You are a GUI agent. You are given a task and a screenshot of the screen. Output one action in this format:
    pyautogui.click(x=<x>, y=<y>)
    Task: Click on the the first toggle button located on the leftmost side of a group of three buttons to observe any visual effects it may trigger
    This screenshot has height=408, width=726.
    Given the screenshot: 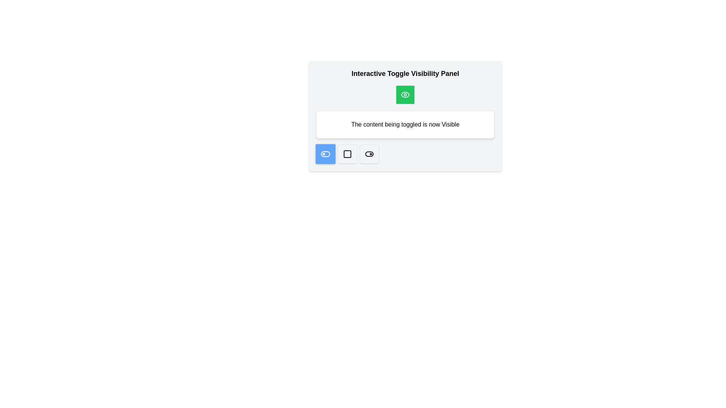 What is the action you would take?
    pyautogui.click(x=325, y=154)
    